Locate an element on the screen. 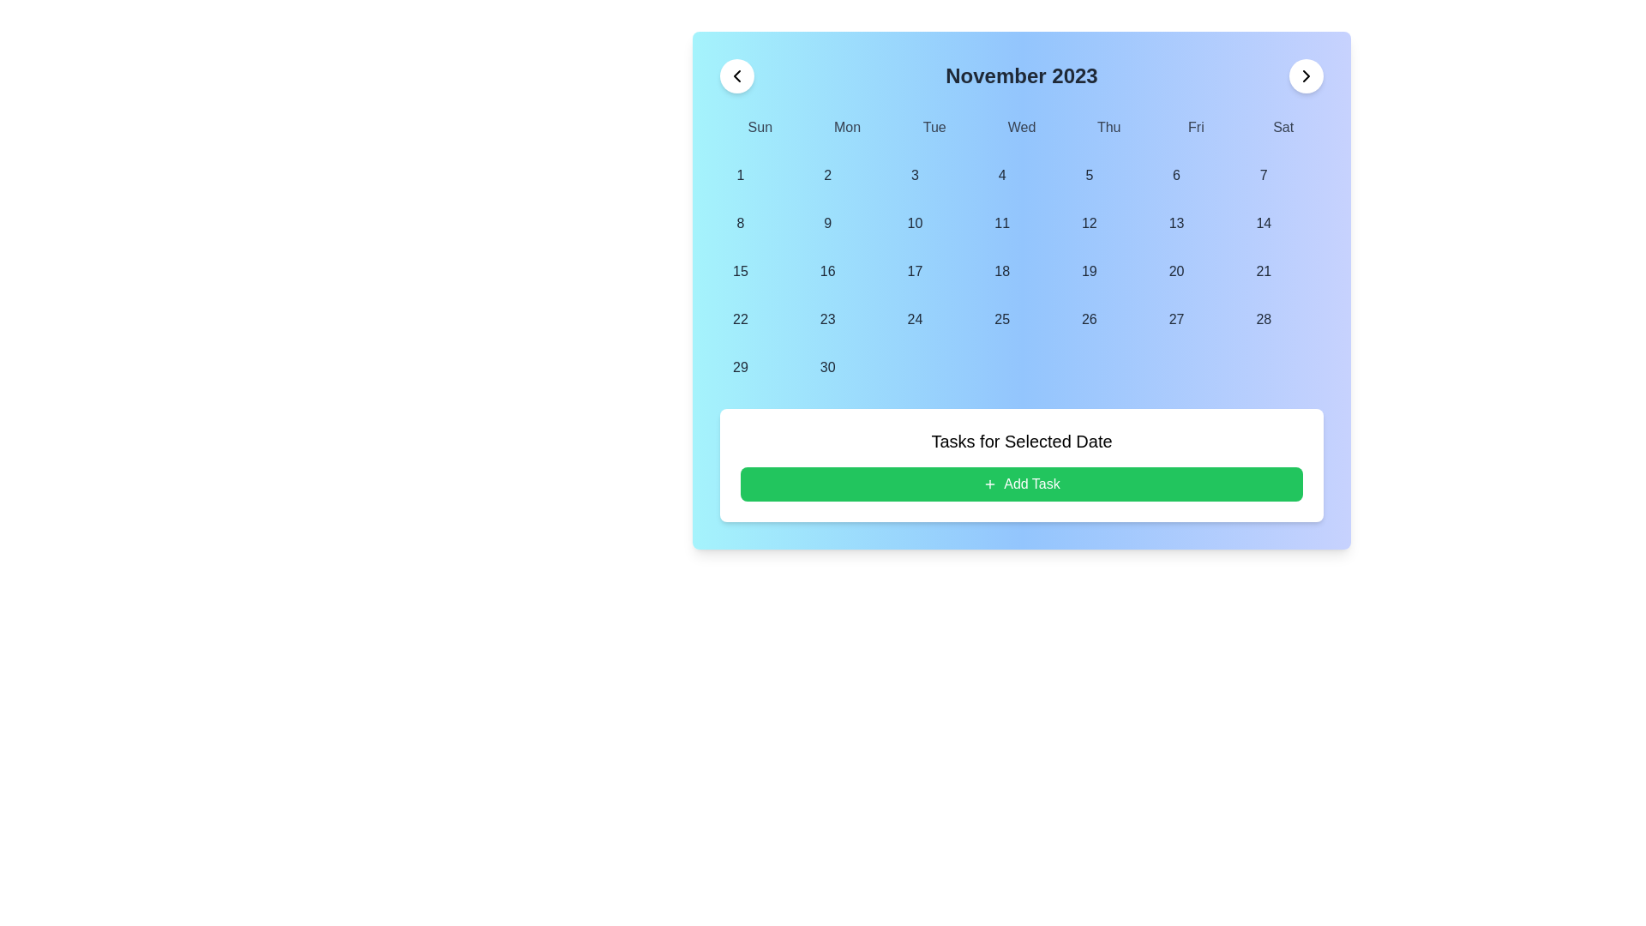 The image size is (1646, 926). the calendar date button '5' is located at coordinates (1088, 175).